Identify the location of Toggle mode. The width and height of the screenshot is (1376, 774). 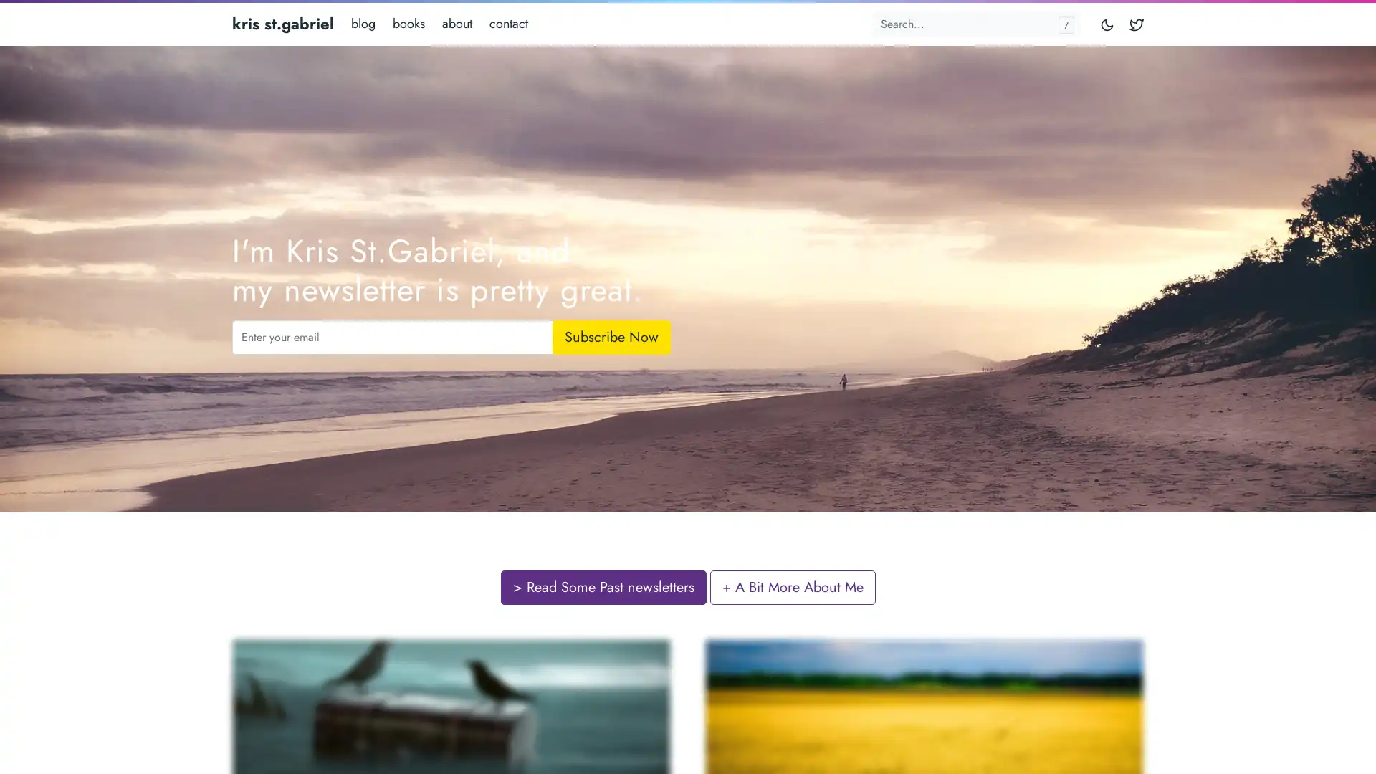
(1107, 24).